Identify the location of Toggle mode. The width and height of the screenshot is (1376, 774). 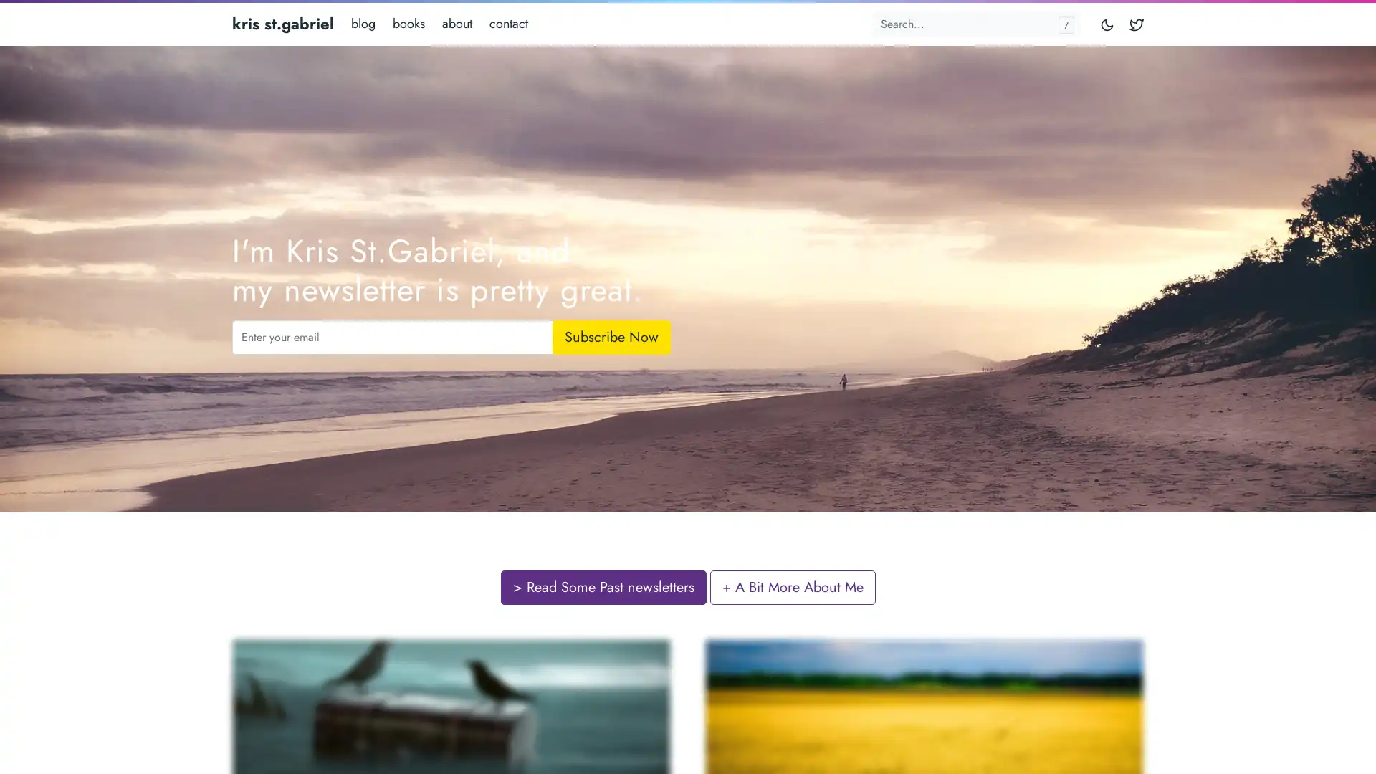
(1107, 24).